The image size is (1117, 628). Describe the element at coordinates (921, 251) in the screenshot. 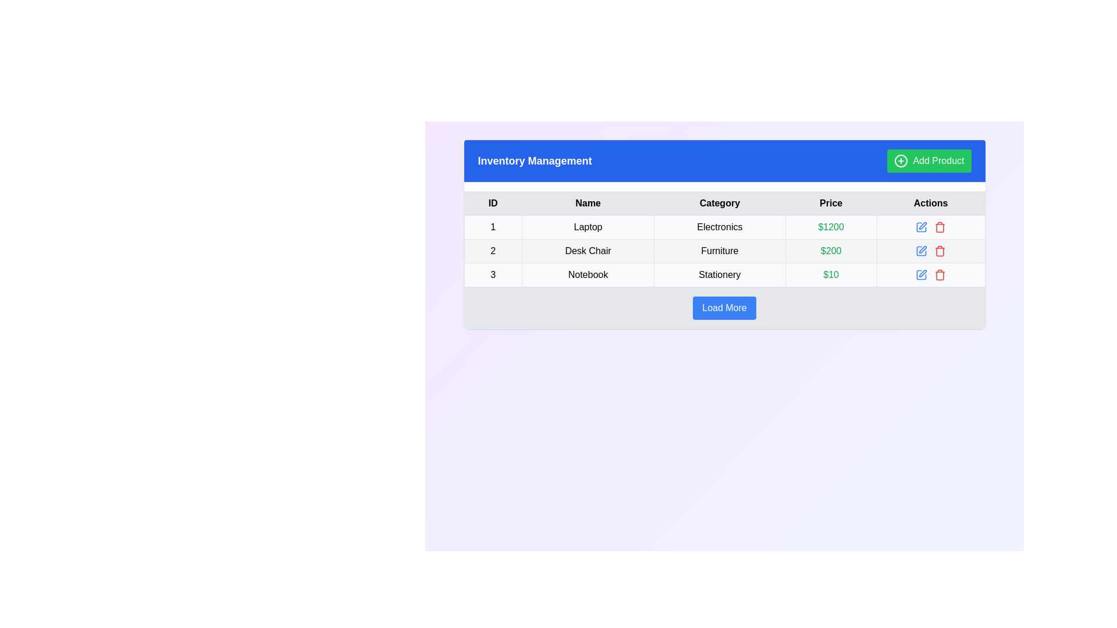

I see `the 'Edit' icon located in the 'Actions' column of the second row under the 'Furniture $200' entry to allow modification of the item's details` at that location.